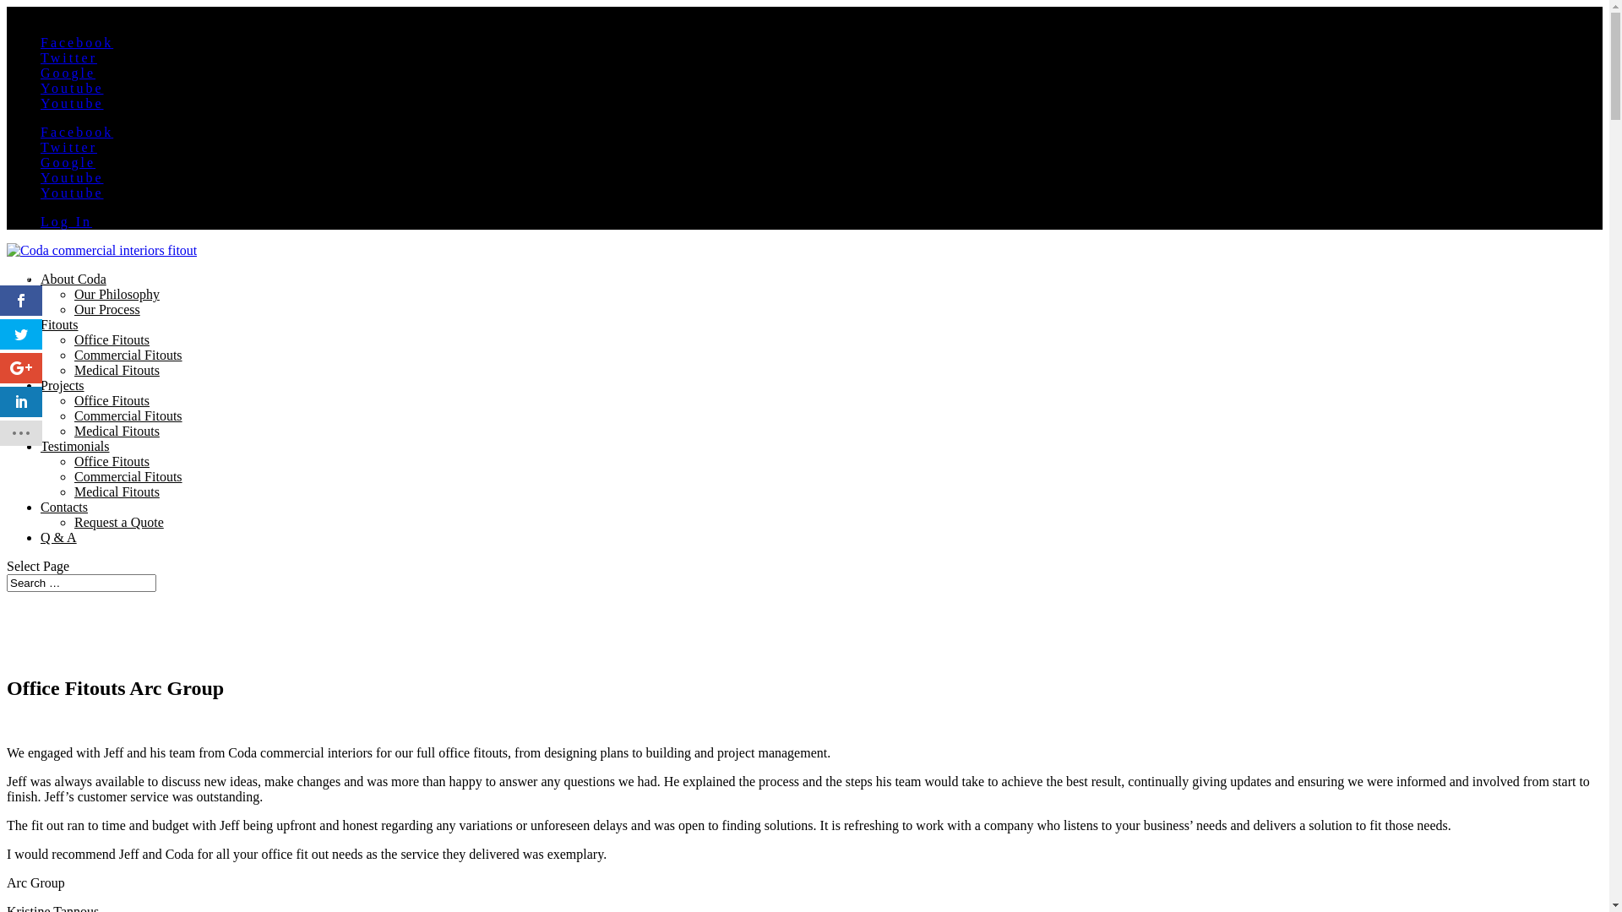 The height and width of the screenshot is (912, 1622). Describe the element at coordinates (72, 278) in the screenshot. I see `'About Coda'` at that location.